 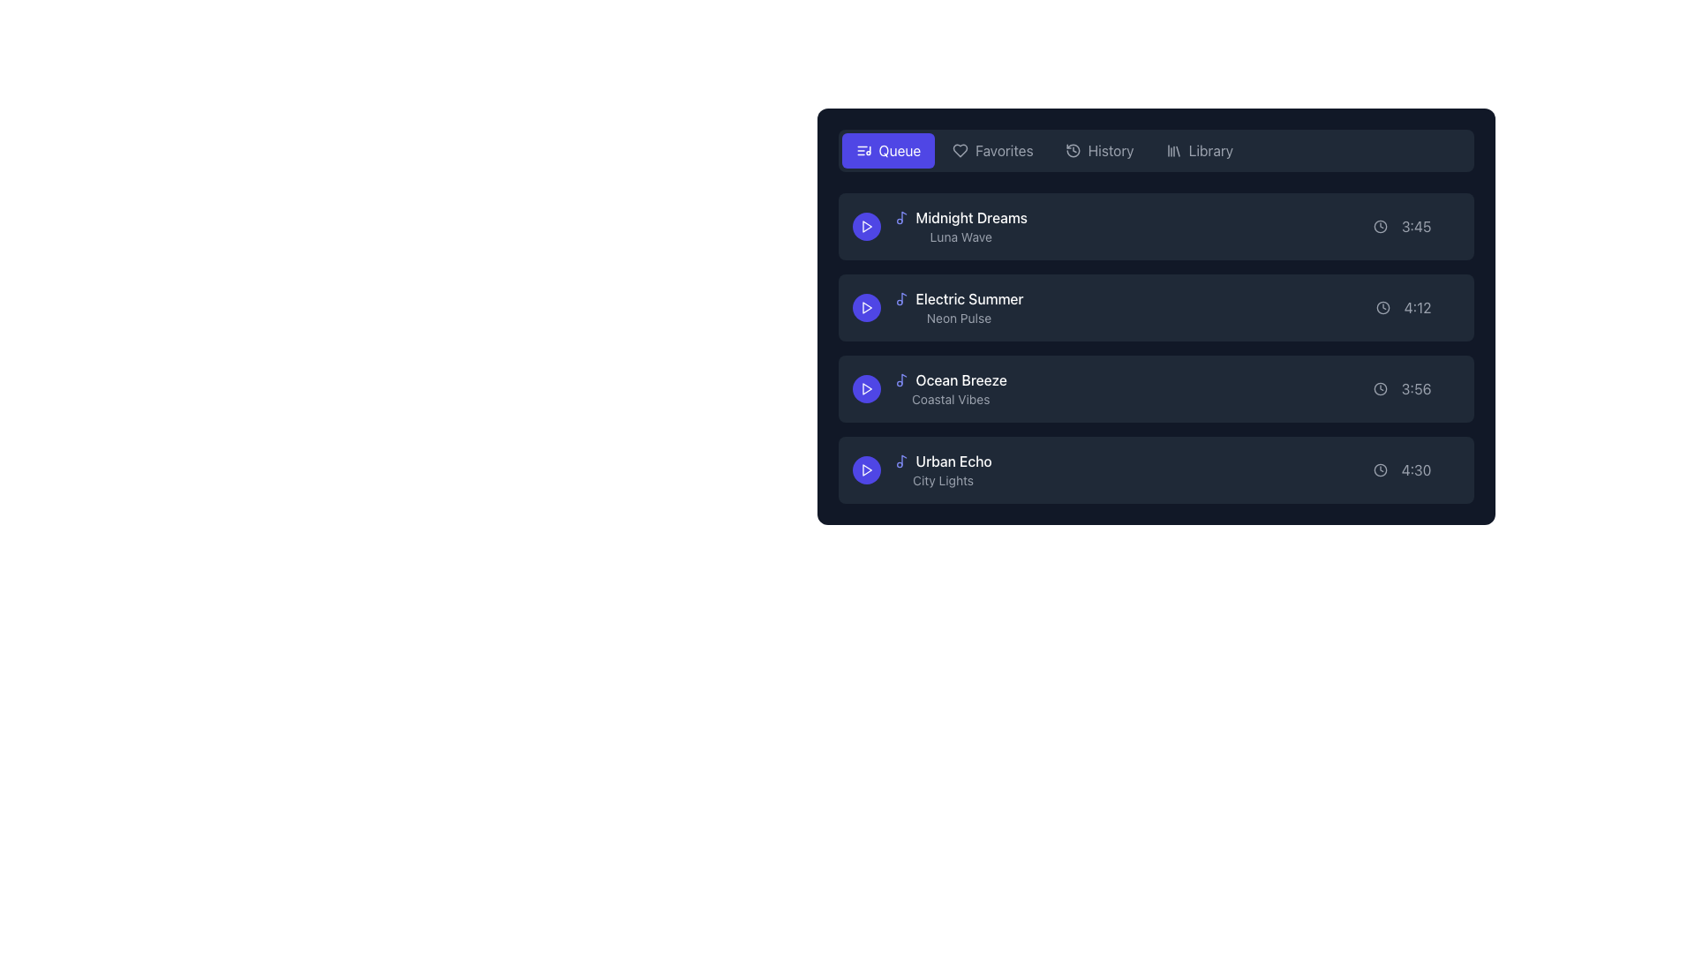 I want to click on the 'Ocean Breeze' play button, so click(x=866, y=387).